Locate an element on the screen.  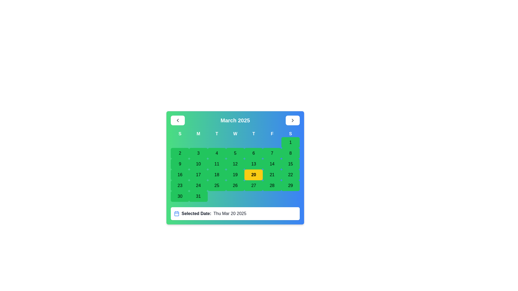
the green button with the bold number '6' in the first row, sixth column of the calendar grid is located at coordinates (253, 153).